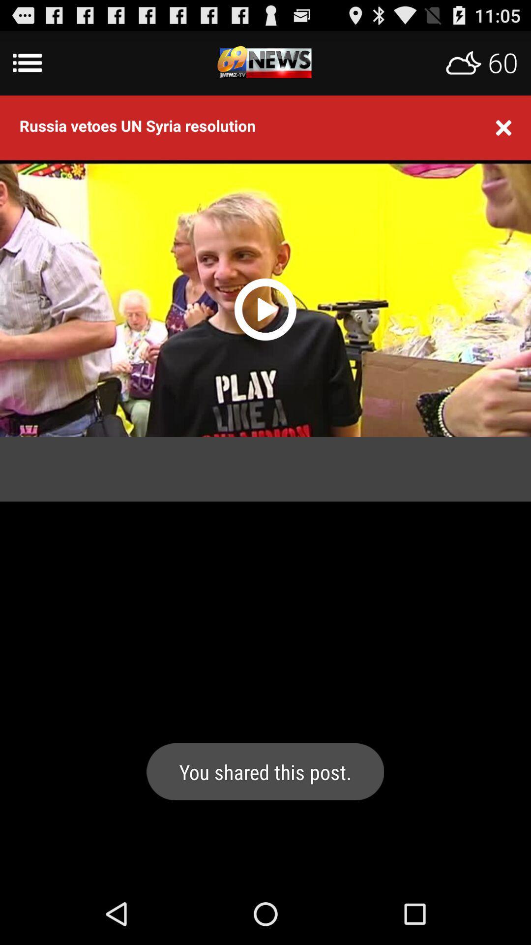 The height and width of the screenshot is (945, 531). I want to click on click discription, so click(265, 63).